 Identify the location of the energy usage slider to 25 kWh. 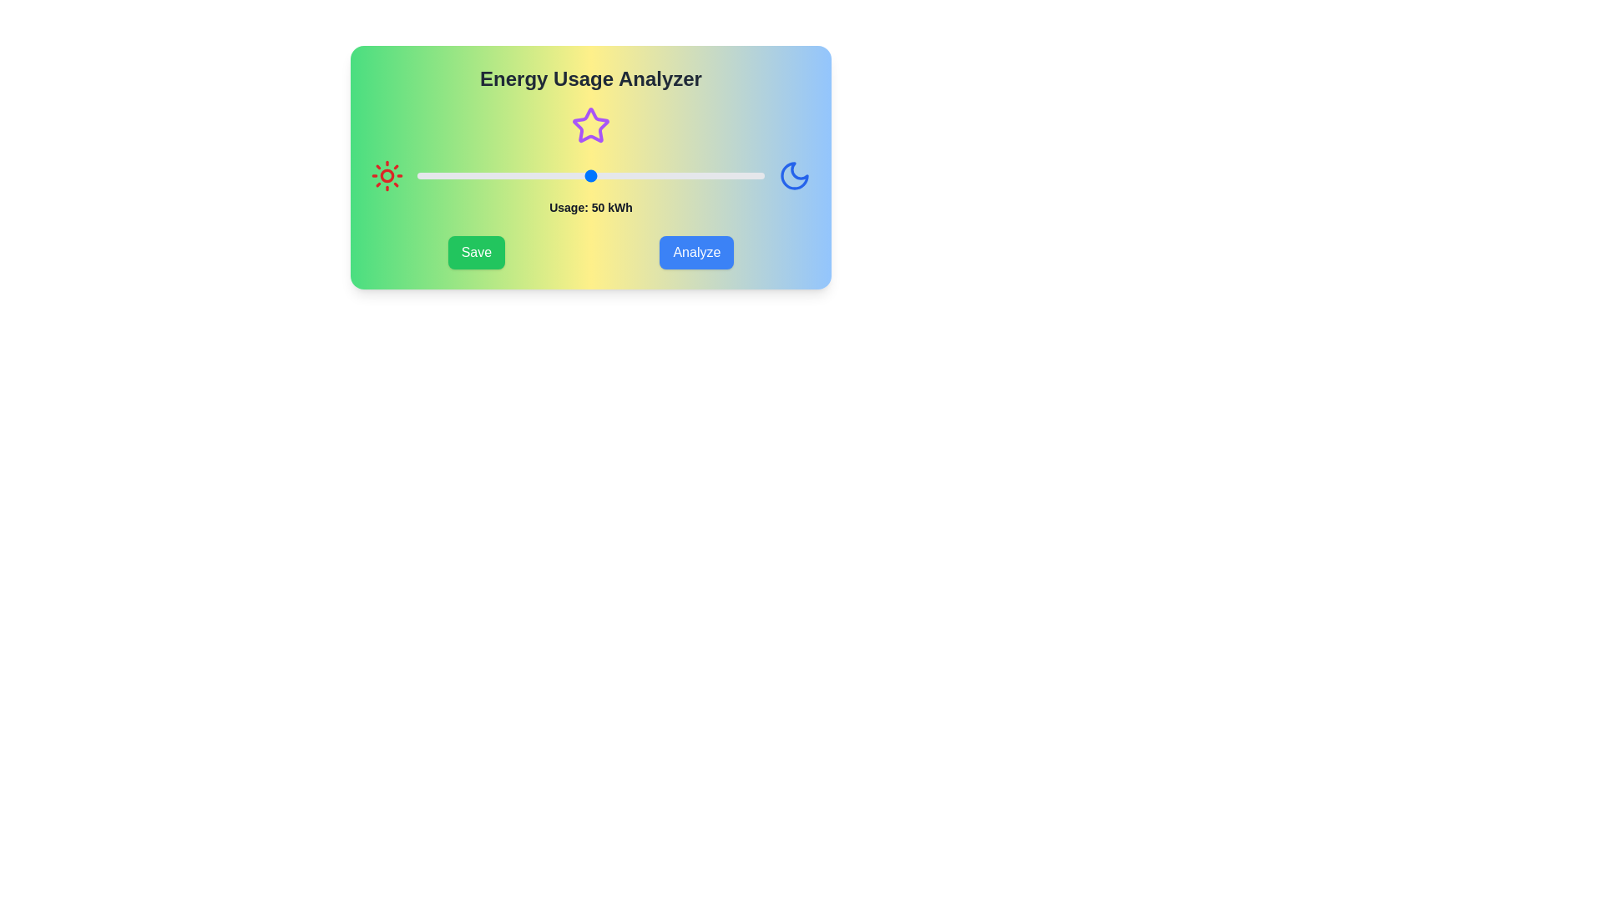
(503, 176).